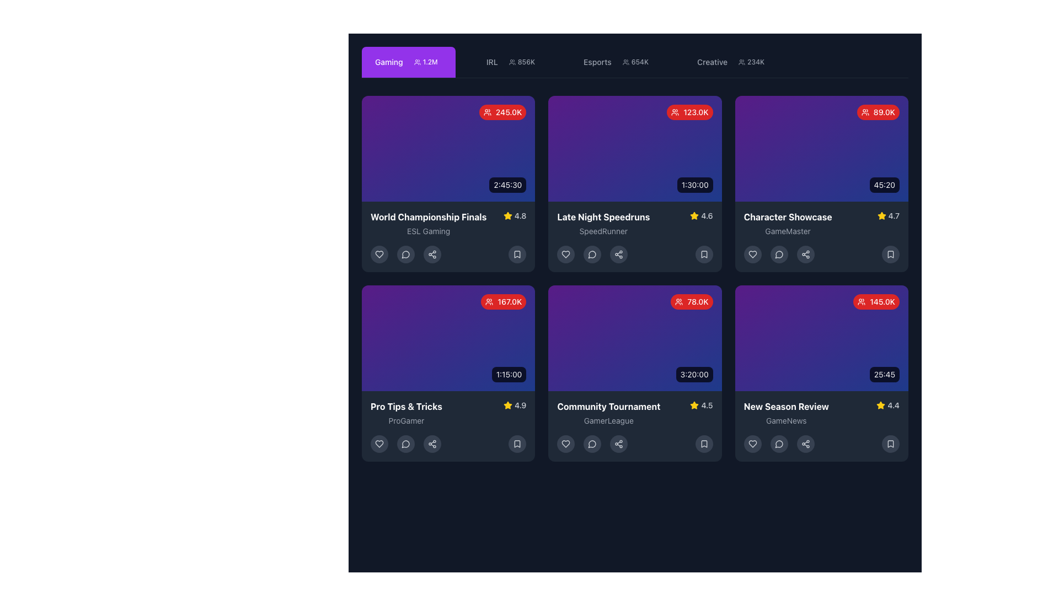 The height and width of the screenshot is (595, 1059). I want to click on the 'Esports' tab item in the navigation menu to change its appearance, so click(635, 62).